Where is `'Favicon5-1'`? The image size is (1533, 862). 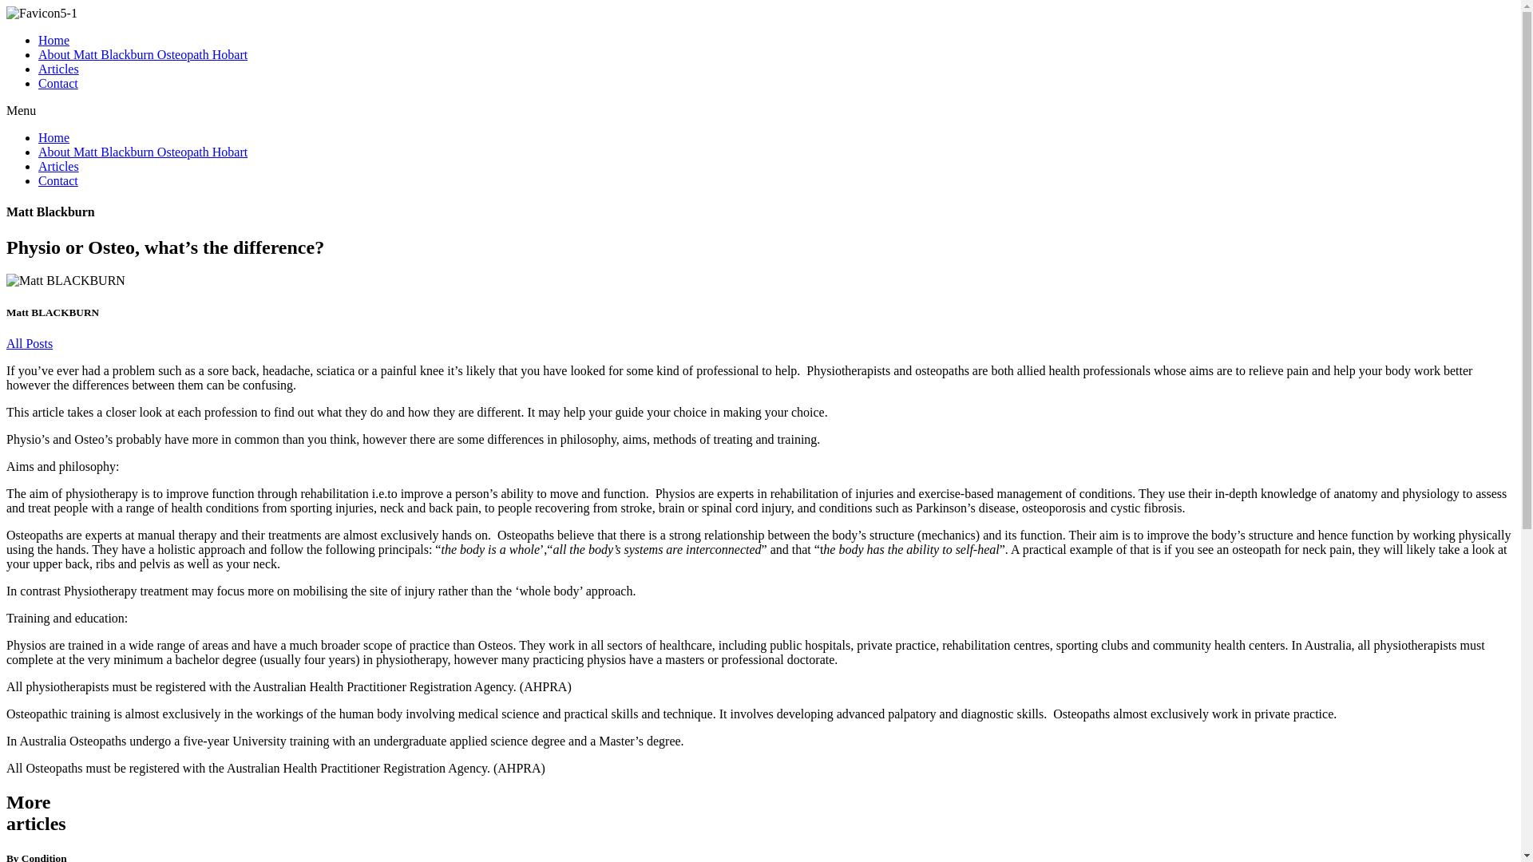 'Favicon5-1' is located at coordinates (42, 13).